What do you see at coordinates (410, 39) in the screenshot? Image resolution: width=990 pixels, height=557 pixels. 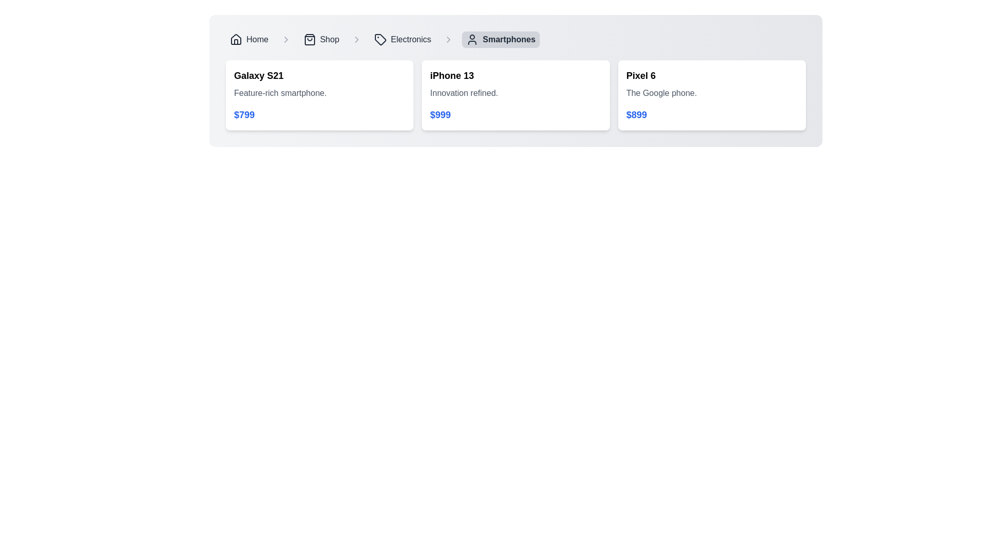 I see `the breadcrumb text label for 'Electronics'` at bounding box center [410, 39].